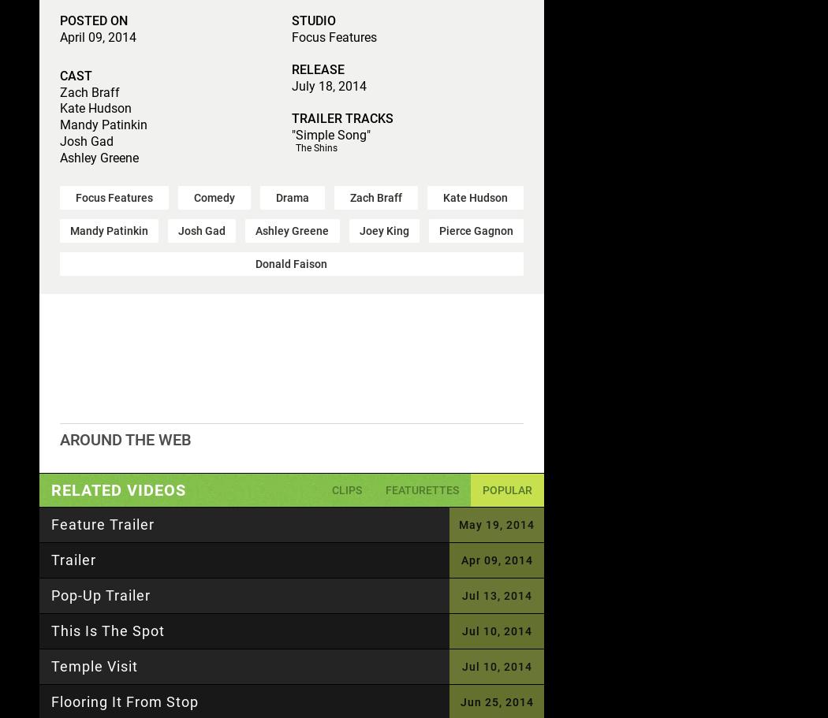  Describe the element at coordinates (291, 229) in the screenshot. I see `'Ashley Greene'` at that location.